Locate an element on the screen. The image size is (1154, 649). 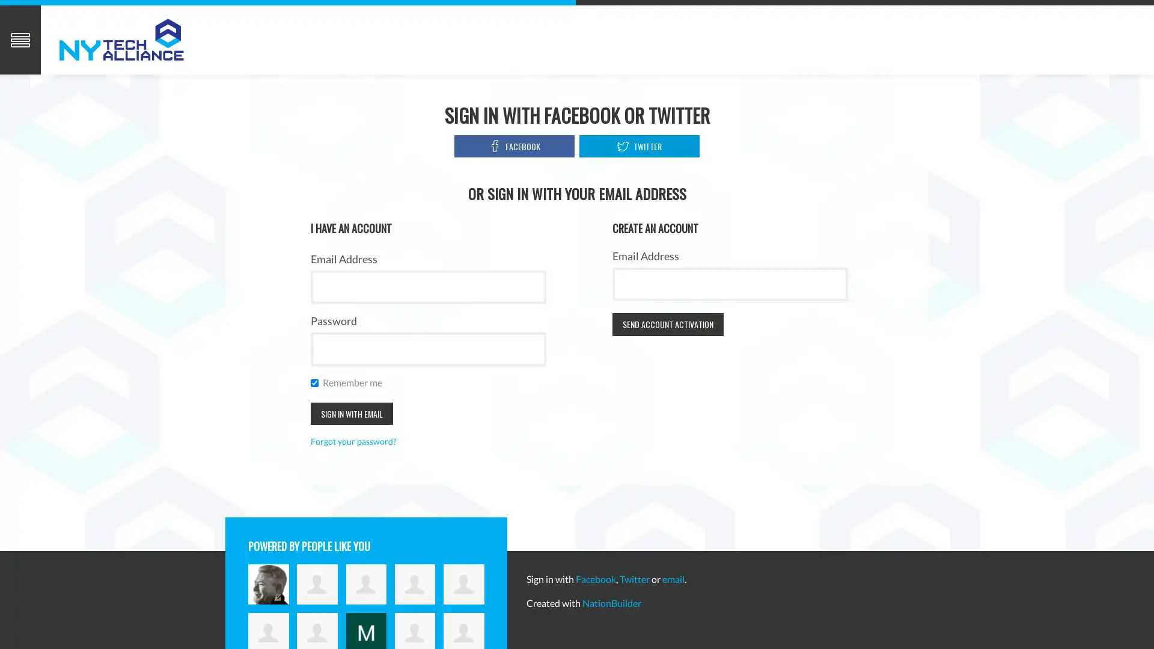
Sign in with email is located at coordinates (350, 412).